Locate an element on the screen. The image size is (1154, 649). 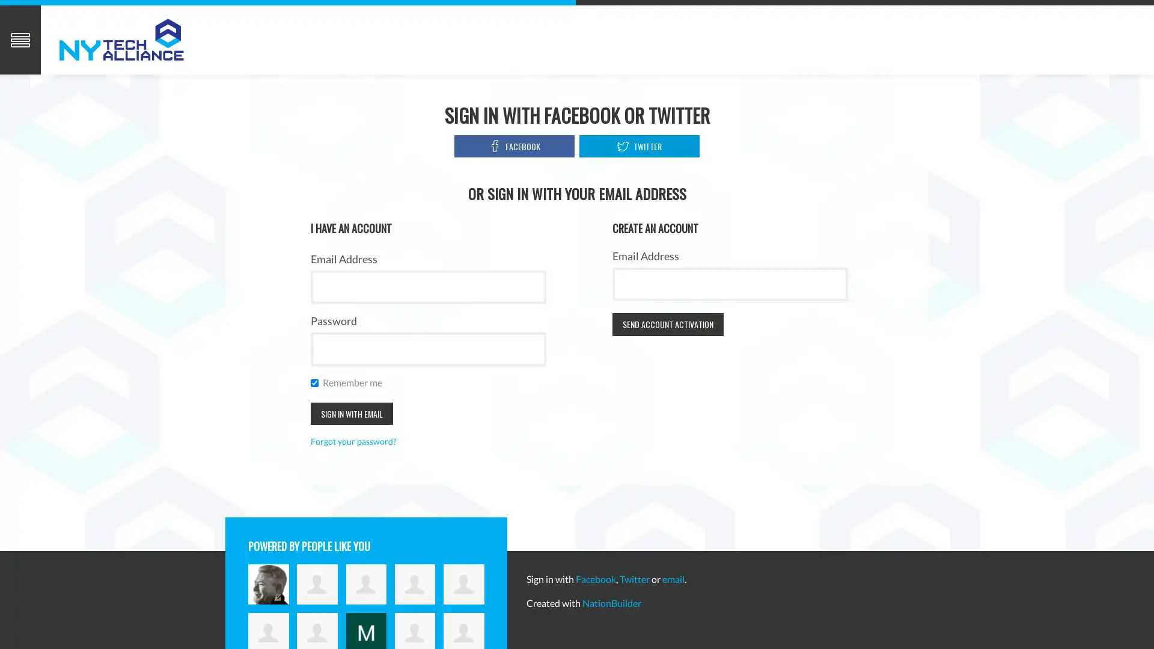
Sign in with email is located at coordinates (350, 412).